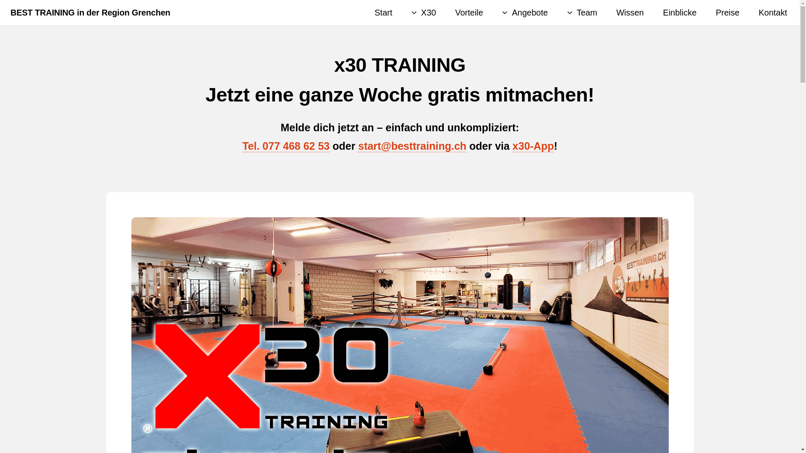 This screenshot has width=806, height=453. Describe the element at coordinates (412, 146) in the screenshot. I see `'start@besttraining.ch'` at that location.